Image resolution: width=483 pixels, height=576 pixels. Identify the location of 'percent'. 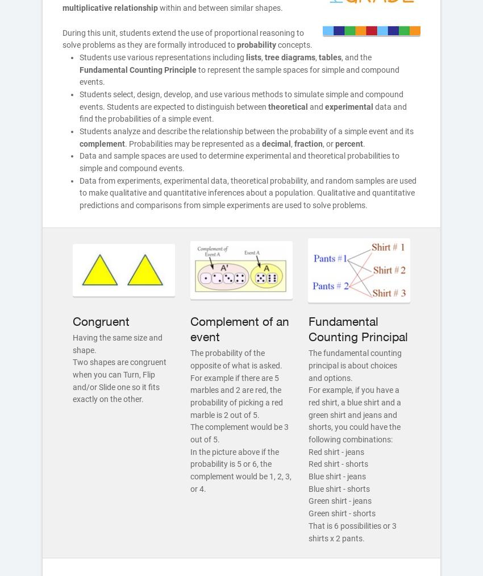
(348, 143).